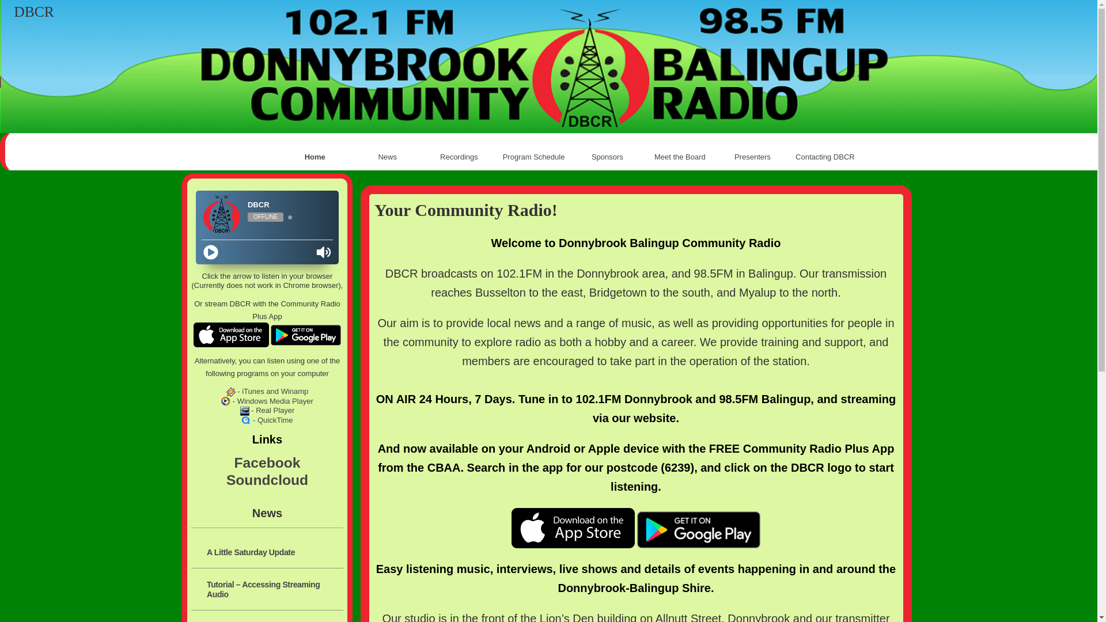  Describe the element at coordinates (277, 157) in the screenshot. I see `'Home'` at that location.